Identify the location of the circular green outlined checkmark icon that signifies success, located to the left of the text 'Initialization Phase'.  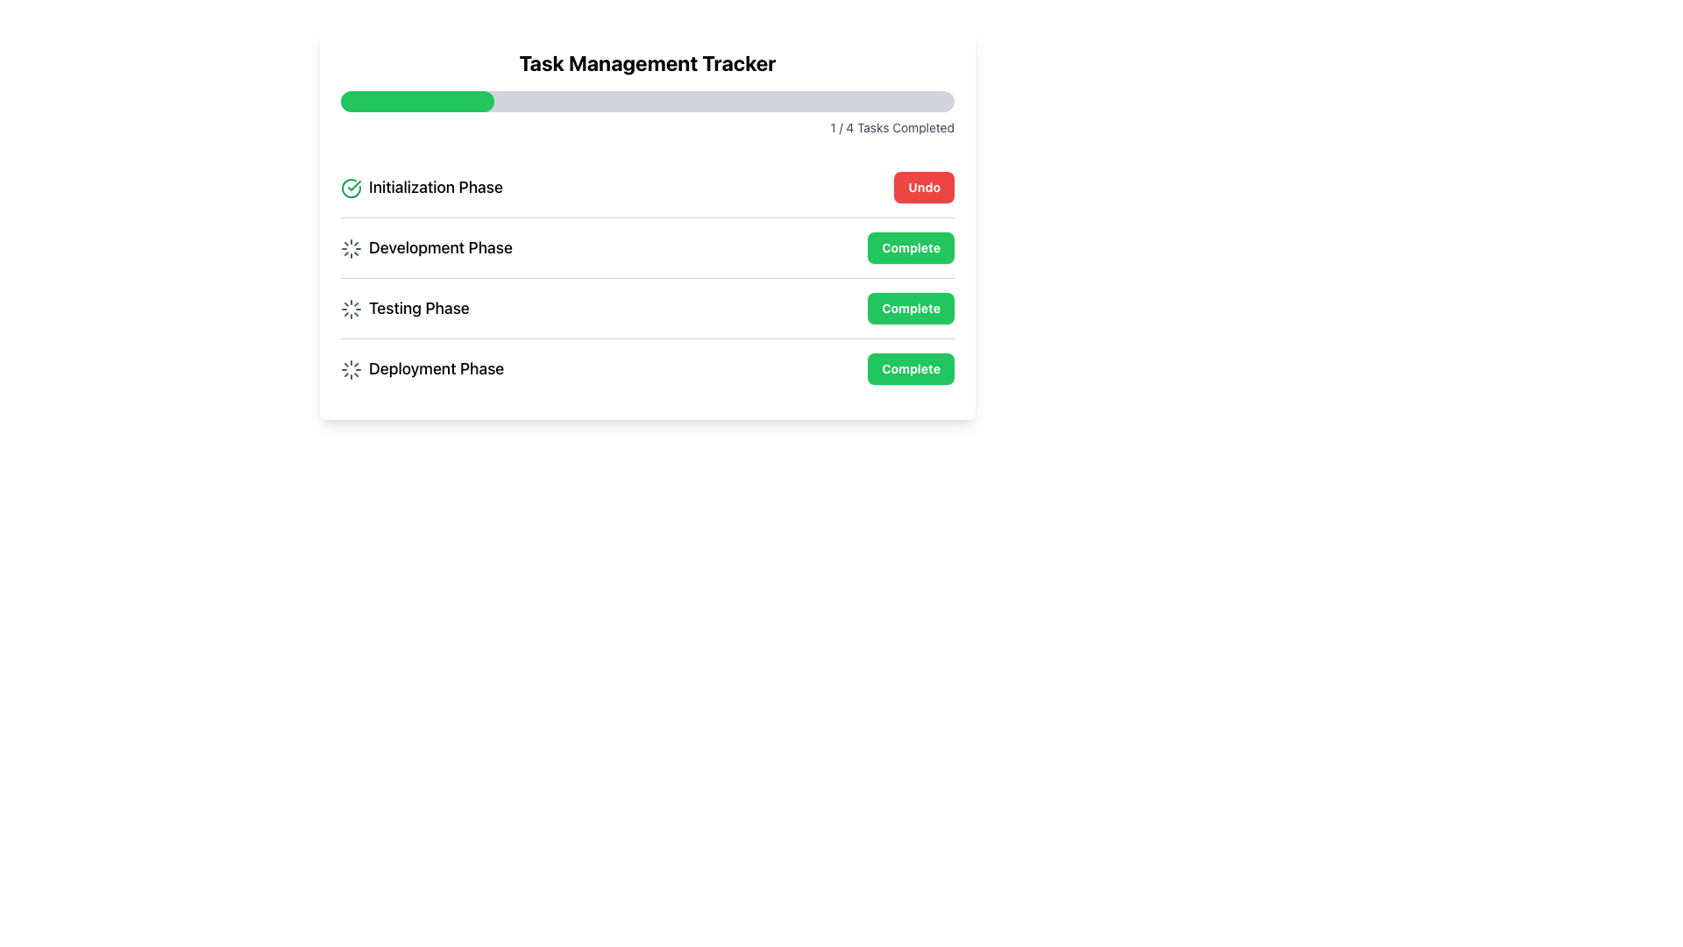
(351, 189).